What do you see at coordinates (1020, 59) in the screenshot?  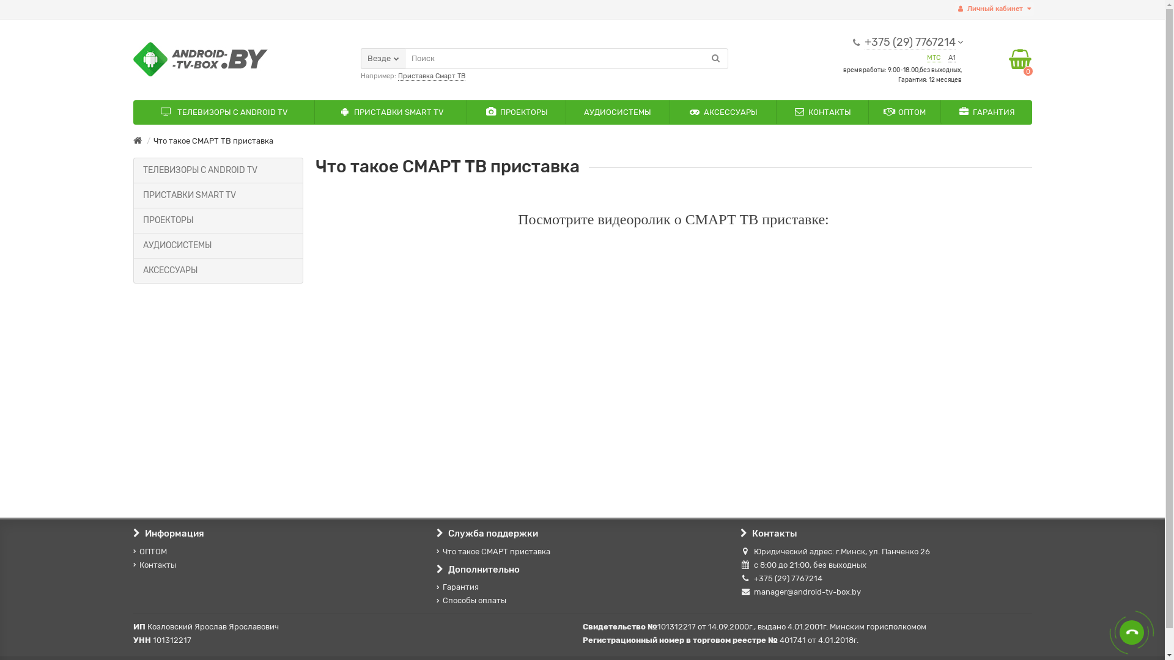 I see `'0'` at bounding box center [1020, 59].